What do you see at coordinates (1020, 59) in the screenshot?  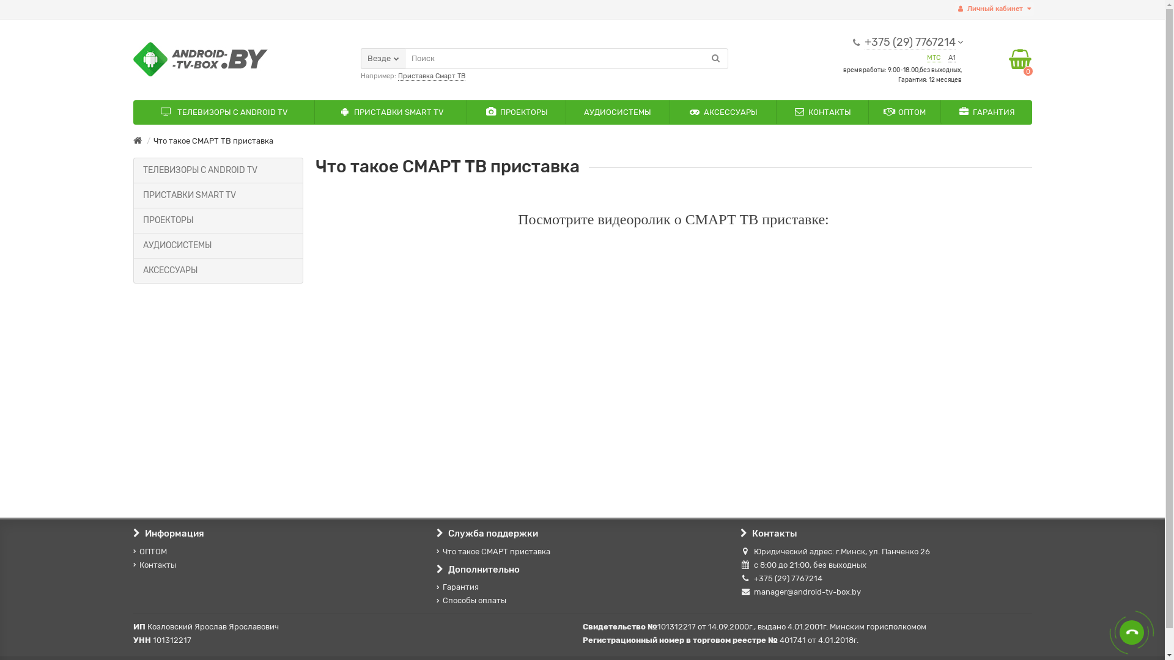 I see `'0'` at bounding box center [1020, 59].